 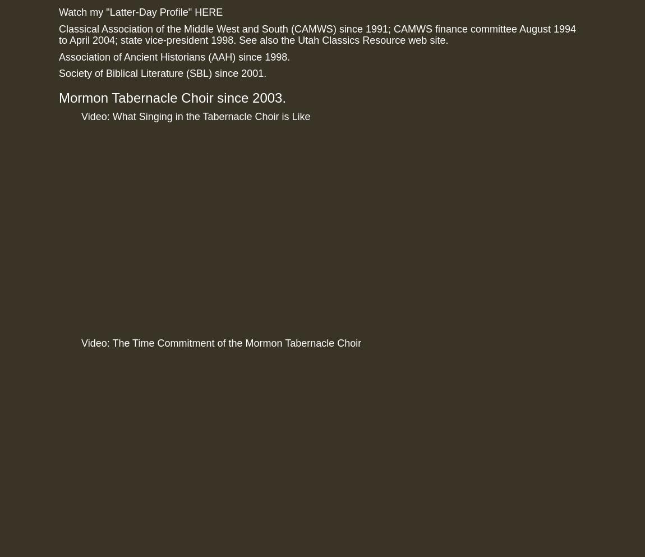 What do you see at coordinates (213, 97) in the screenshot?
I see `'since 2003.'` at bounding box center [213, 97].